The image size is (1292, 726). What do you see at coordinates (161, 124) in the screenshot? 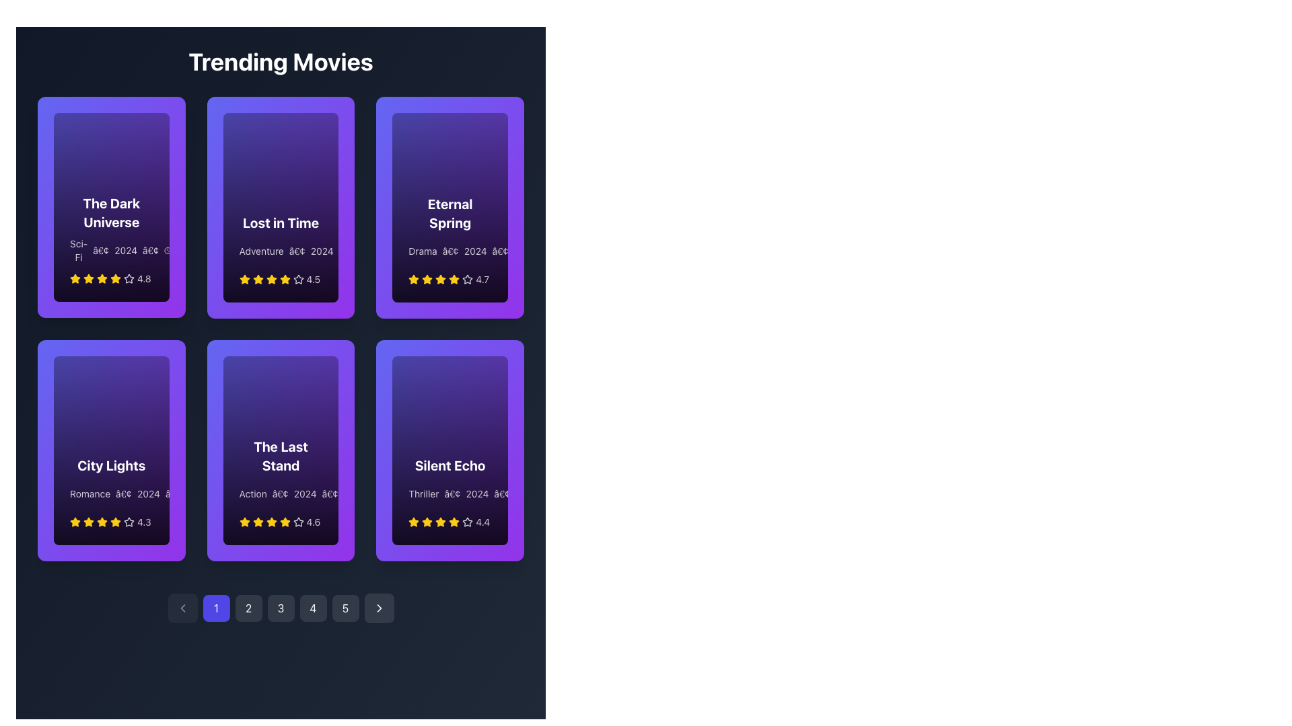
I see `the circular indigo play button with a white fill icon located at the center of the button near the top-right corner of 'The Dark Universe' card` at bounding box center [161, 124].